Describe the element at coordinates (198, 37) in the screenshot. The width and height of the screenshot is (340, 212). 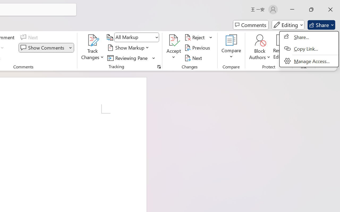
I see `'Reject'` at that location.